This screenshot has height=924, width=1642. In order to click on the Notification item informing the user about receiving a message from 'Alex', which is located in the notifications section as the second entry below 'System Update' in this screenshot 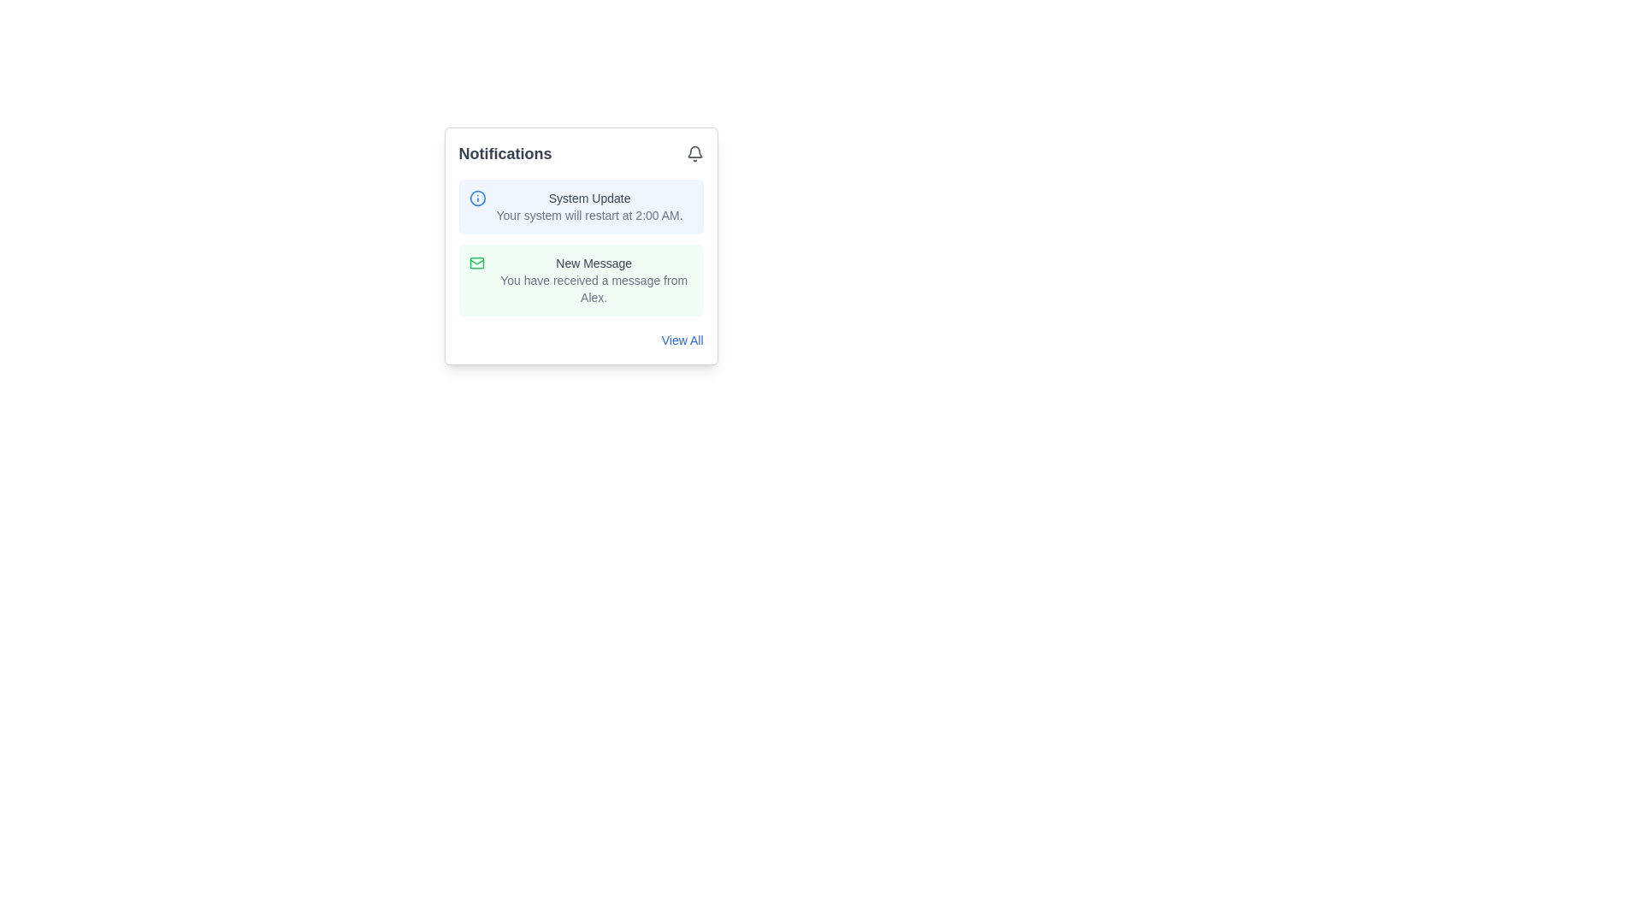, I will do `click(594, 279)`.